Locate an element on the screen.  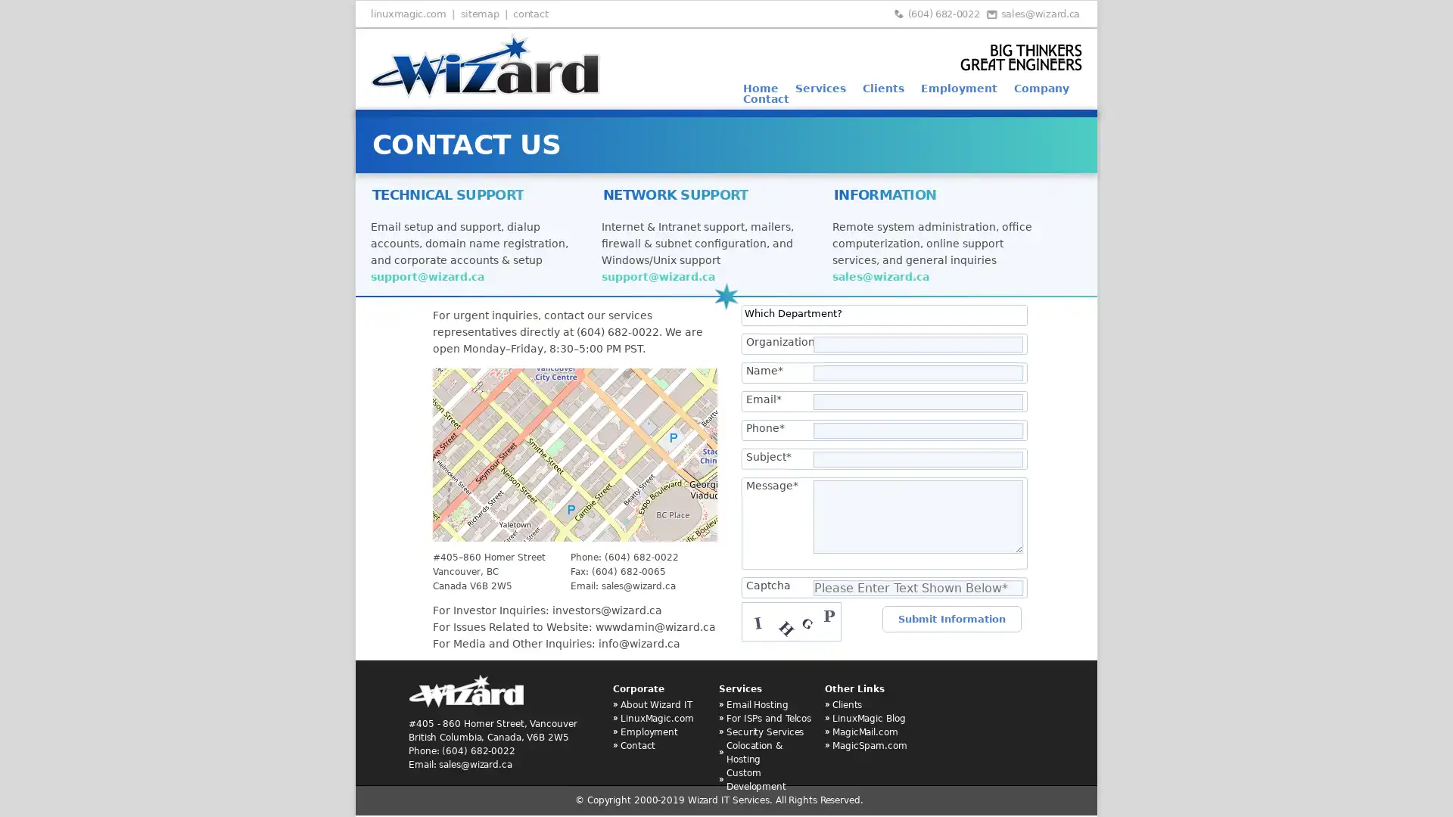
i is located at coordinates (439, 648).